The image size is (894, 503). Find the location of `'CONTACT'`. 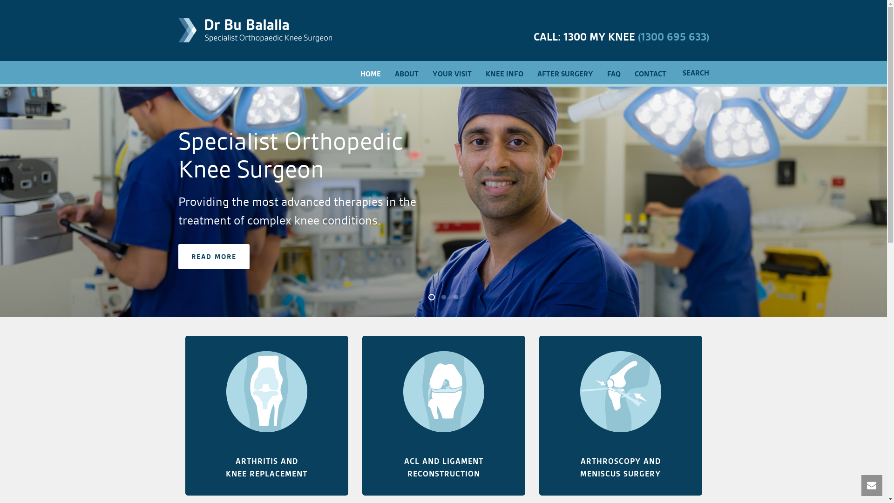

'CONTACT' is located at coordinates (650, 73).